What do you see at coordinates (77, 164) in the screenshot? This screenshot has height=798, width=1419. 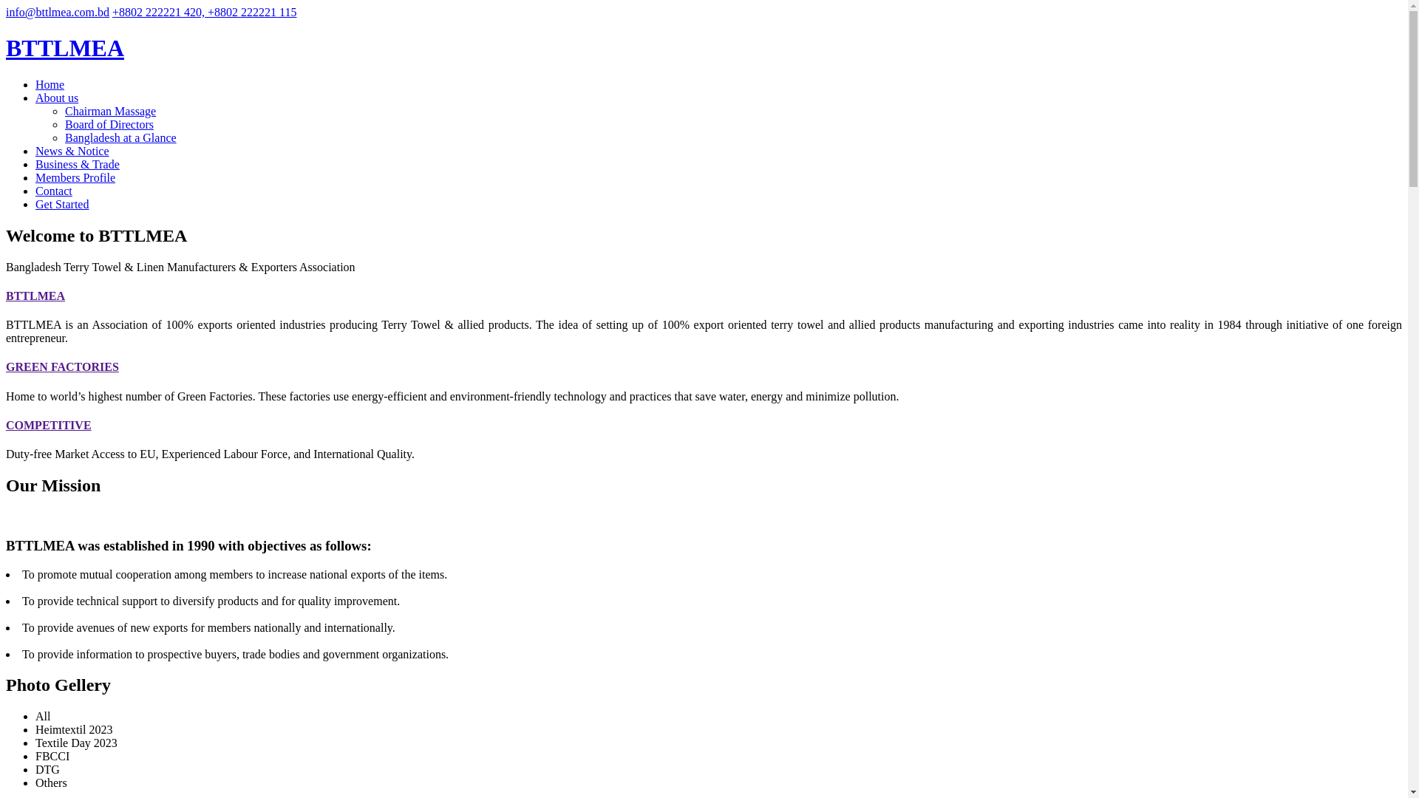 I see `'Business & Trade'` at bounding box center [77, 164].